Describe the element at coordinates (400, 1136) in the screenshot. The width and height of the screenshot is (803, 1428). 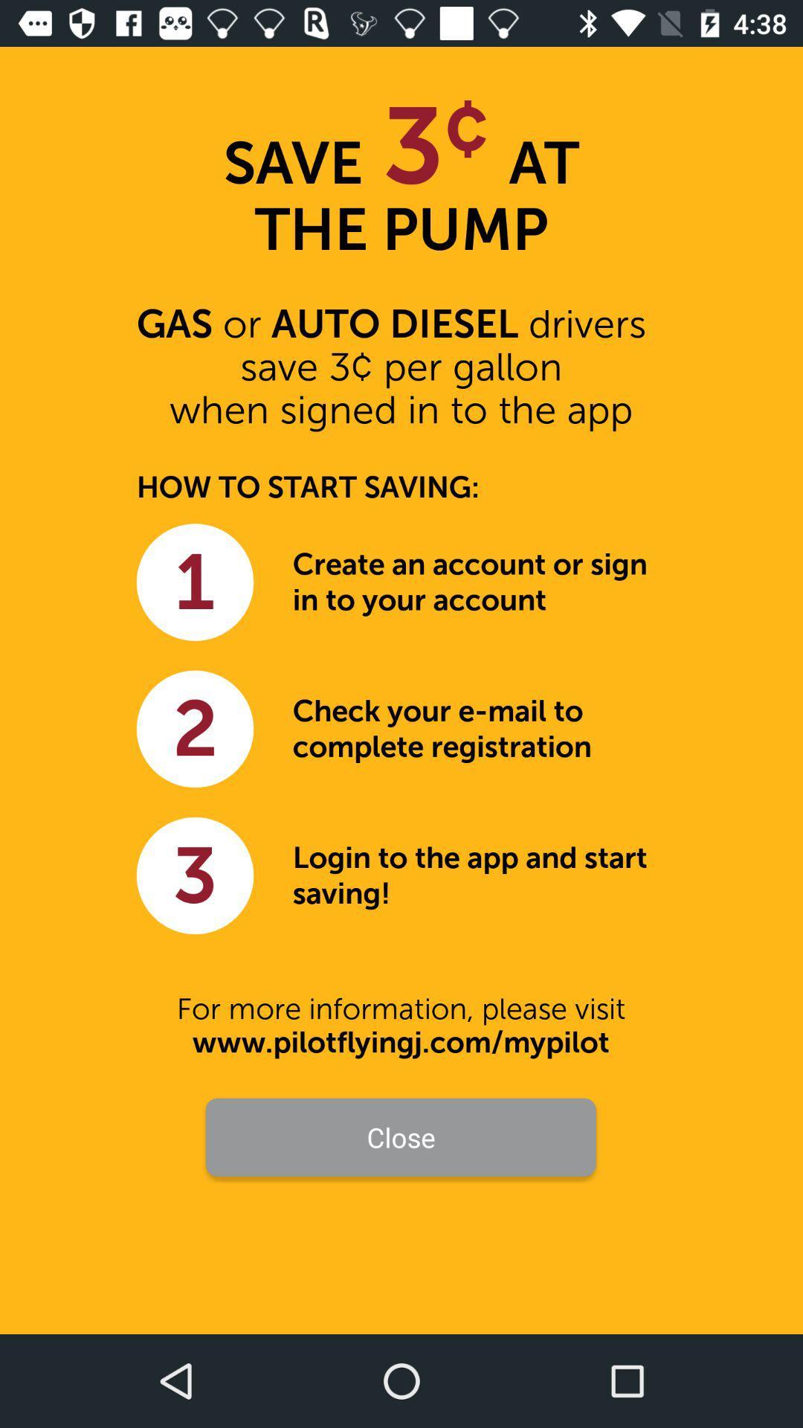
I see `the close item` at that location.